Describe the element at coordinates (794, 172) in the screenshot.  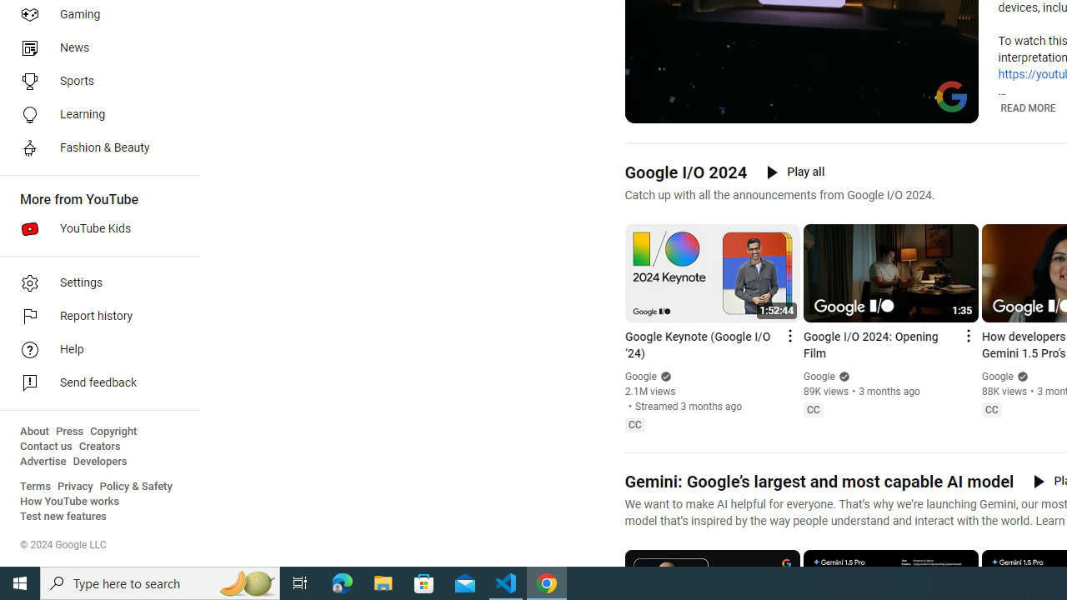
I see `'Play all'` at that location.